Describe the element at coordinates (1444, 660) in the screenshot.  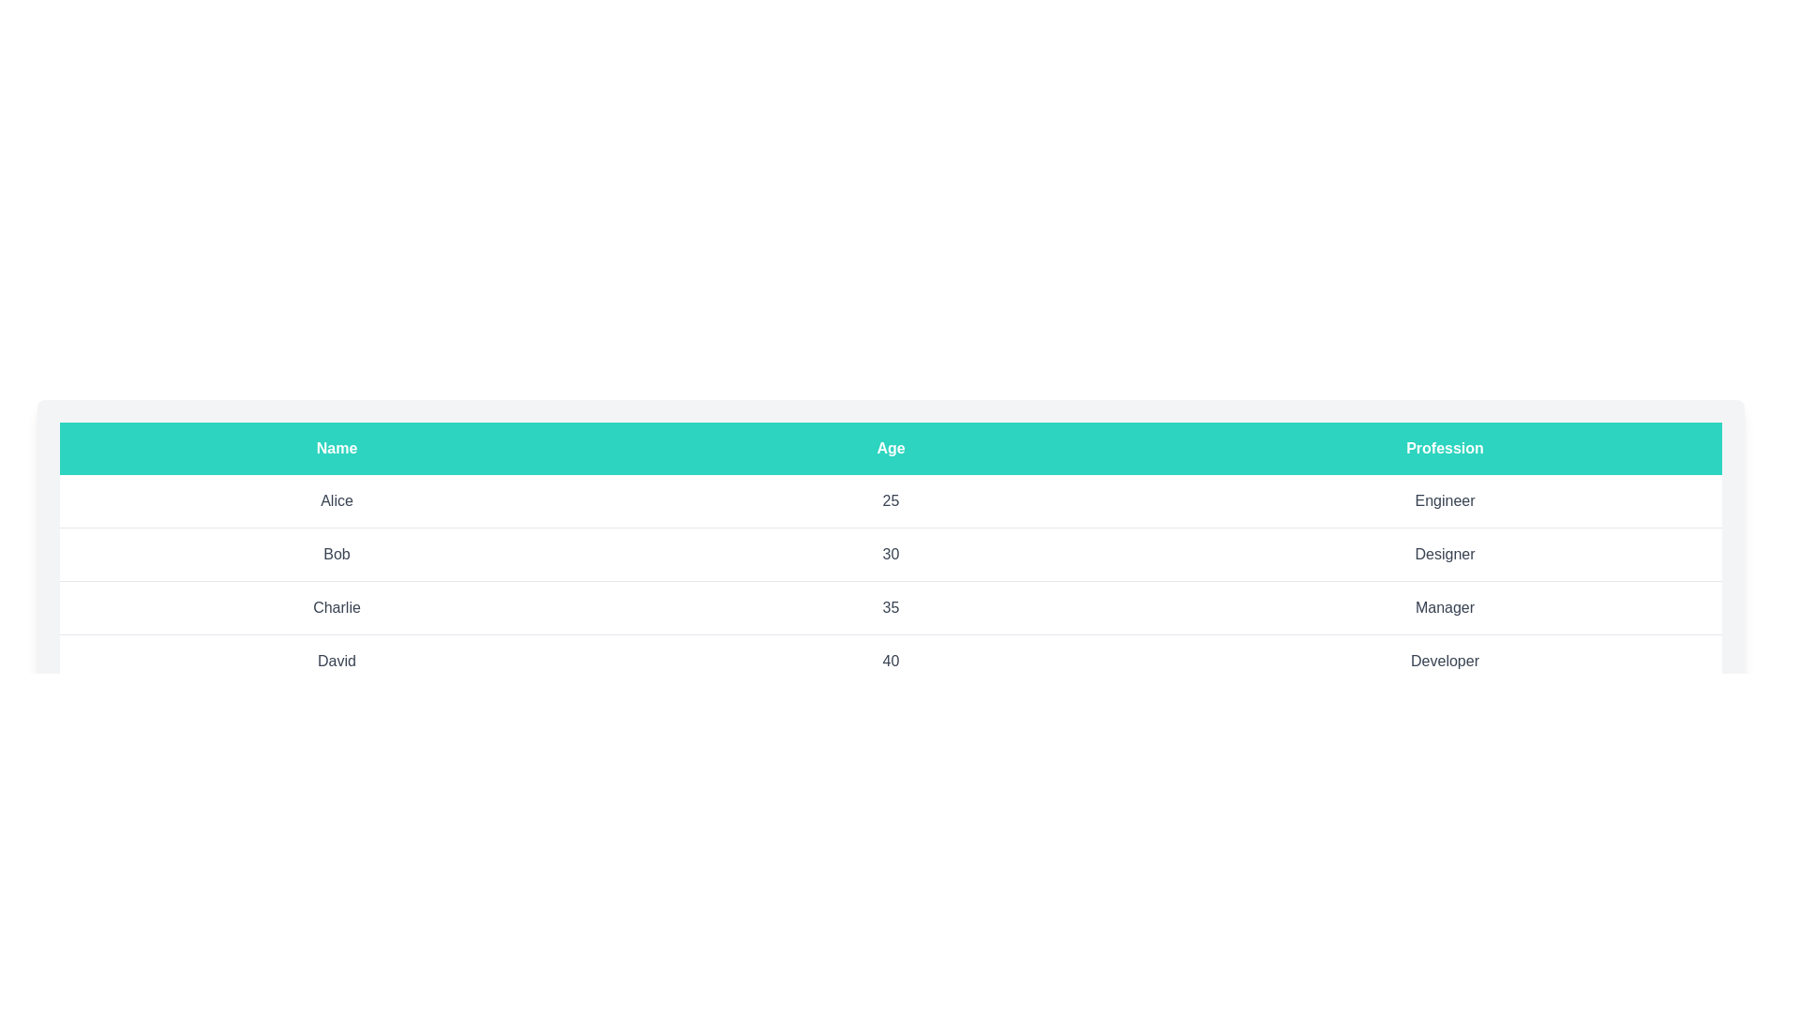
I see `the 'Developer' text label that displays the profession information for 'David' in the table` at that location.